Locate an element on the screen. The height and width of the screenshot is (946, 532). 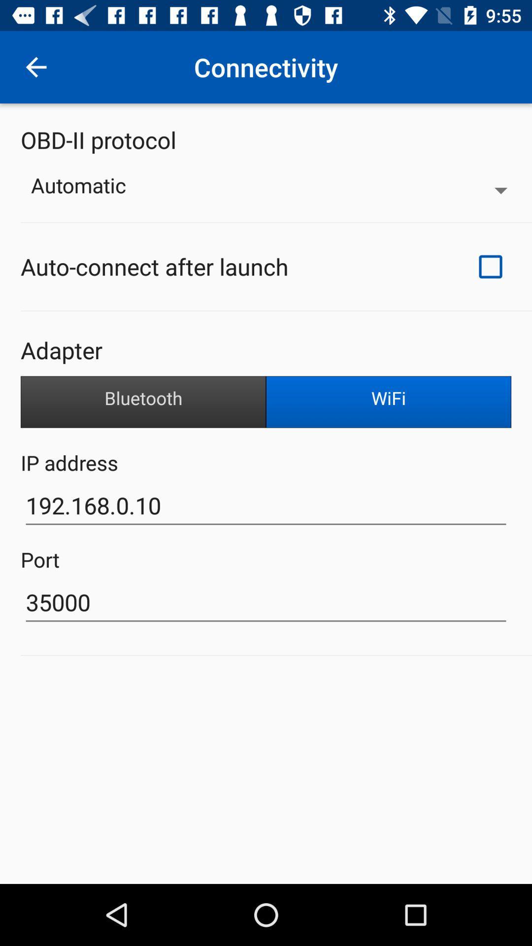
item to the left of connectivity is located at coordinates (35, 67).